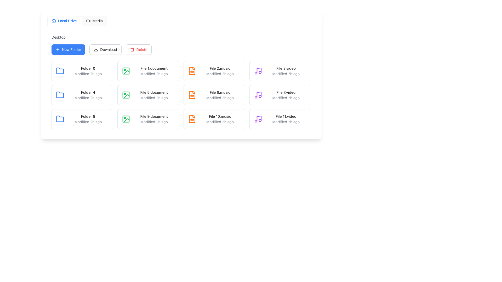 Image resolution: width=502 pixels, height=282 pixels. What do you see at coordinates (126, 119) in the screenshot?
I see `the file type icon located to the left of the 'File 9.document' title` at bounding box center [126, 119].